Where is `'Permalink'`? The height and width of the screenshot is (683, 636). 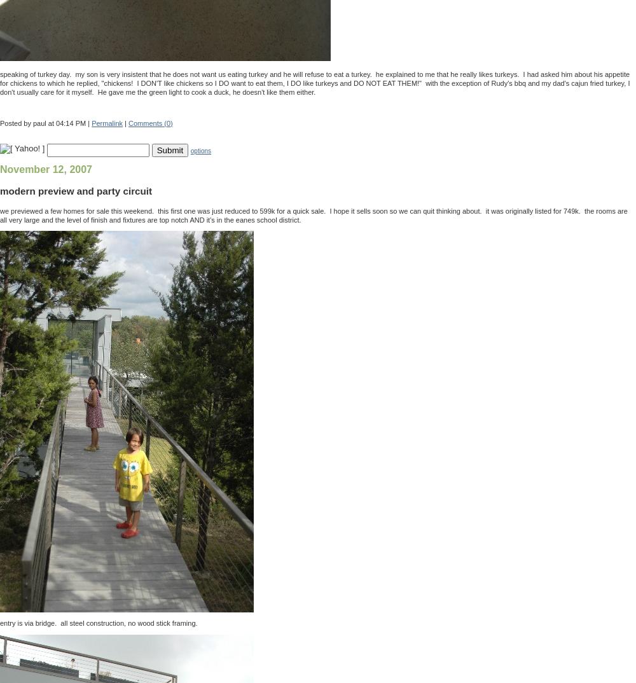 'Permalink' is located at coordinates (107, 122).